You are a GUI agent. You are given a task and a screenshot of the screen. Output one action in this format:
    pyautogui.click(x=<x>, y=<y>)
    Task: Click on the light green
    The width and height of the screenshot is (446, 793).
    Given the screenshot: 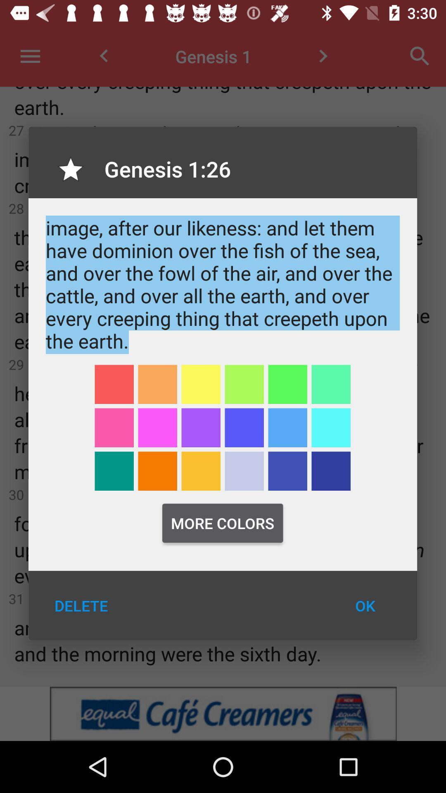 What is the action you would take?
    pyautogui.click(x=244, y=384)
    